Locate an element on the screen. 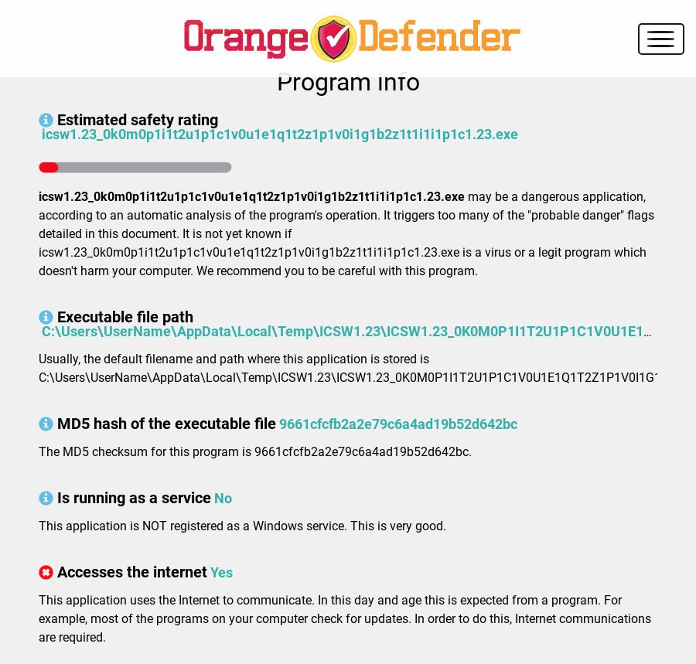 Image resolution: width=696 pixels, height=664 pixels. 'may be a dangerous application, according to an automatic analysis of the program's operation. It triggers too many of the "probable danger" flags detailed in this document. It is not yet known if icsw1.23_0k0m0p1i1t2u1p1c1v0u1e1q1t2z1p1v0i1g1b2z1t1i1i1p1c1.23.exe is a virus or a legit program which doesn't harm your computer. We recommend you to be careful with this program.' is located at coordinates (38, 233).